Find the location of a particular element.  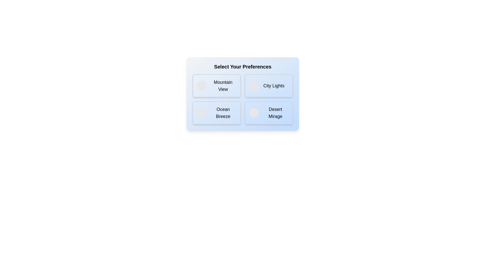

the option labeled Desert Mirage to observe visual feedback is located at coordinates (268, 113).